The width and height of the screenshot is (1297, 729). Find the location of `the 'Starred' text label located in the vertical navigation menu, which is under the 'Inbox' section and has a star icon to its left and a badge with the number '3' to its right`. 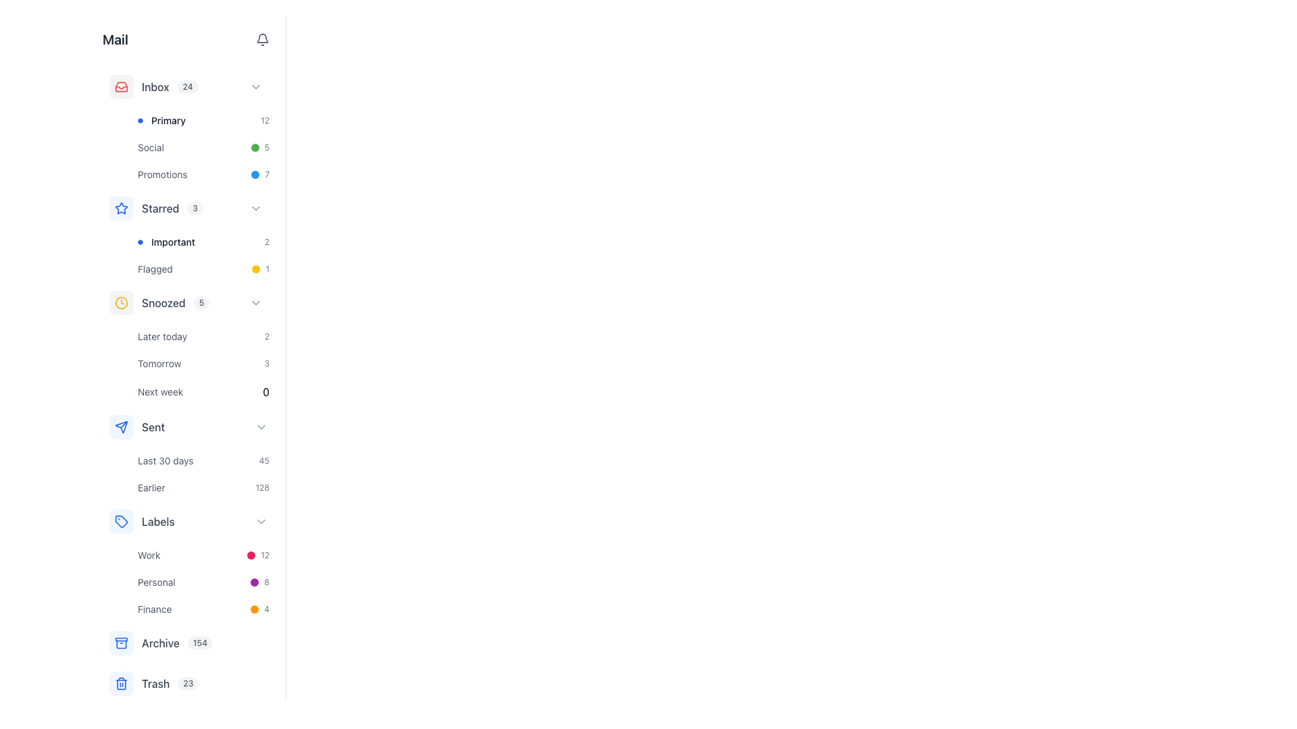

the 'Starred' text label located in the vertical navigation menu, which is under the 'Inbox' section and has a star icon to its left and a badge with the number '3' to its right is located at coordinates (160, 208).